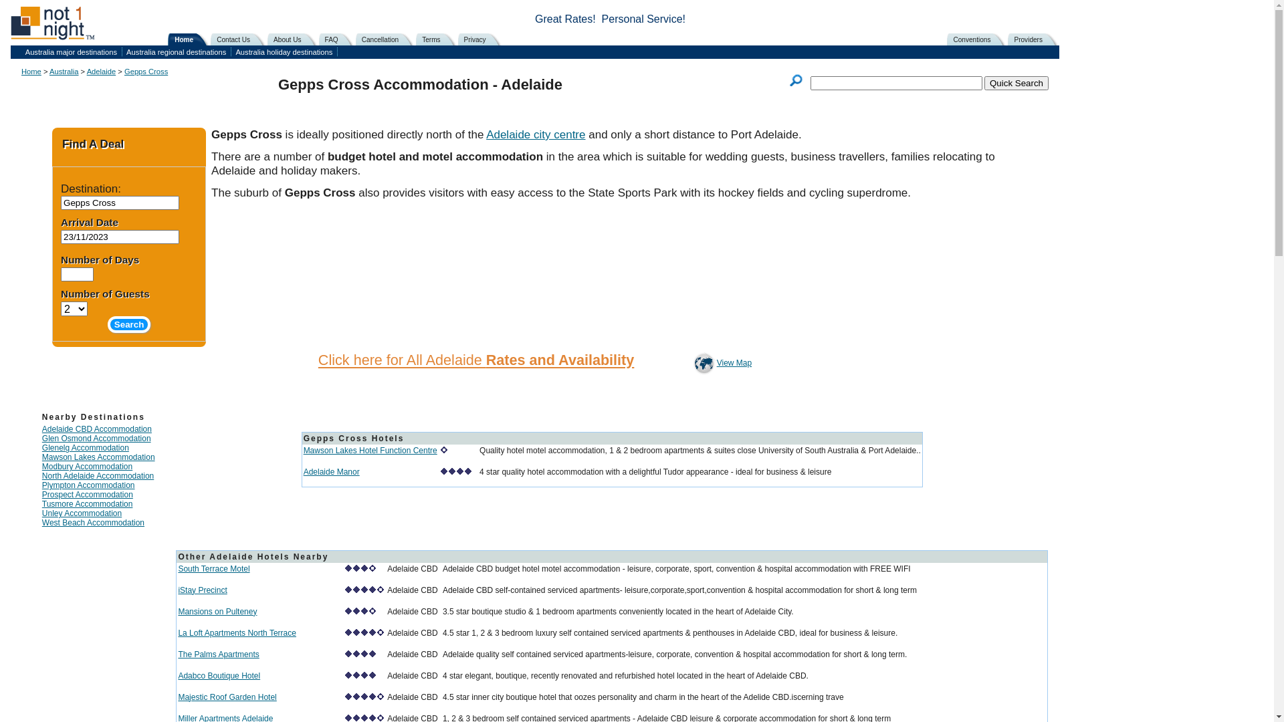 Image resolution: width=1284 pixels, height=722 pixels. I want to click on 'Adelaide Manor', so click(303, 471).